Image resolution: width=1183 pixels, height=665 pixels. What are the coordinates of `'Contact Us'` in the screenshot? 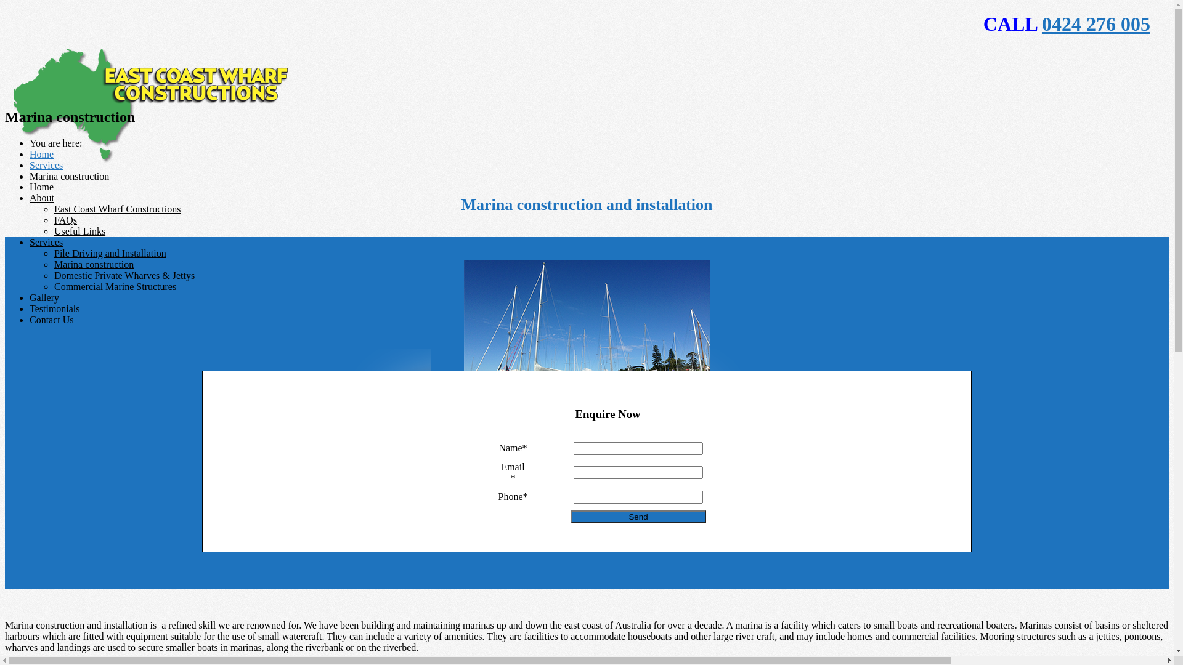 It's located at (51, 319).